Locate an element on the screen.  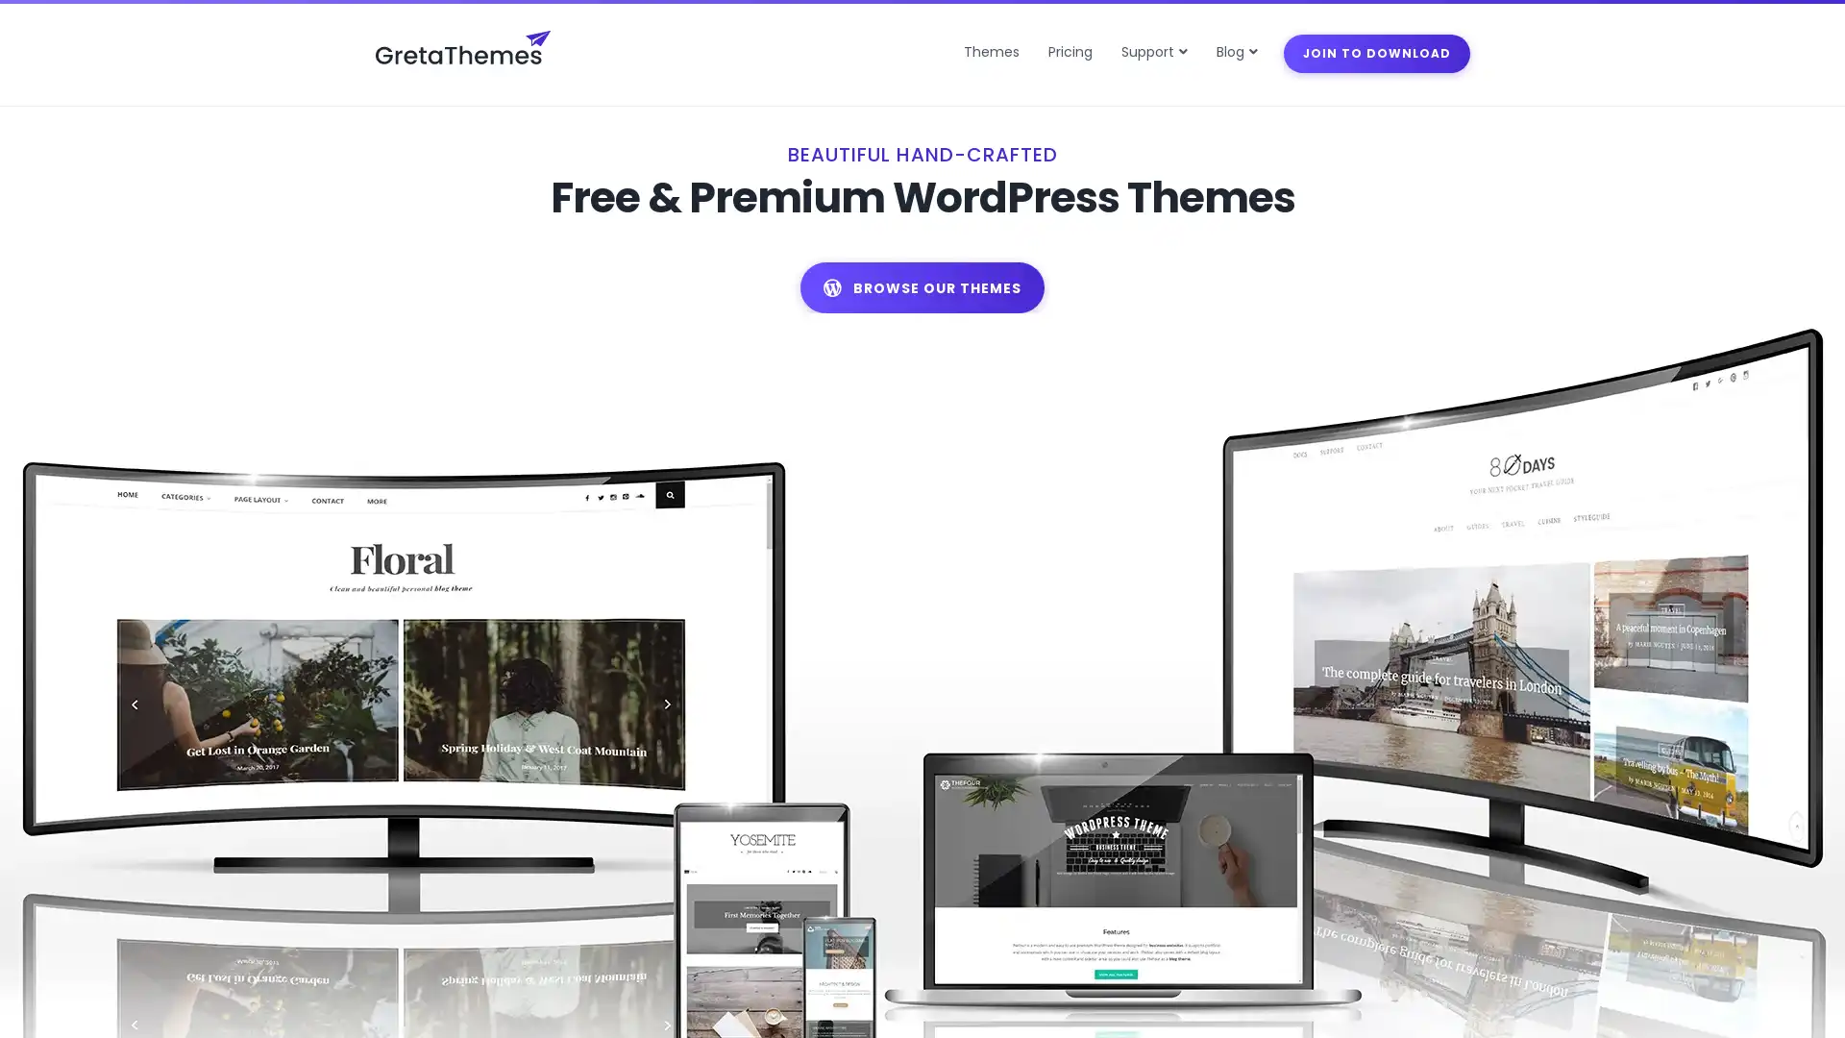
BROWSE OUR THEMES is located at coordinates (922, 329).